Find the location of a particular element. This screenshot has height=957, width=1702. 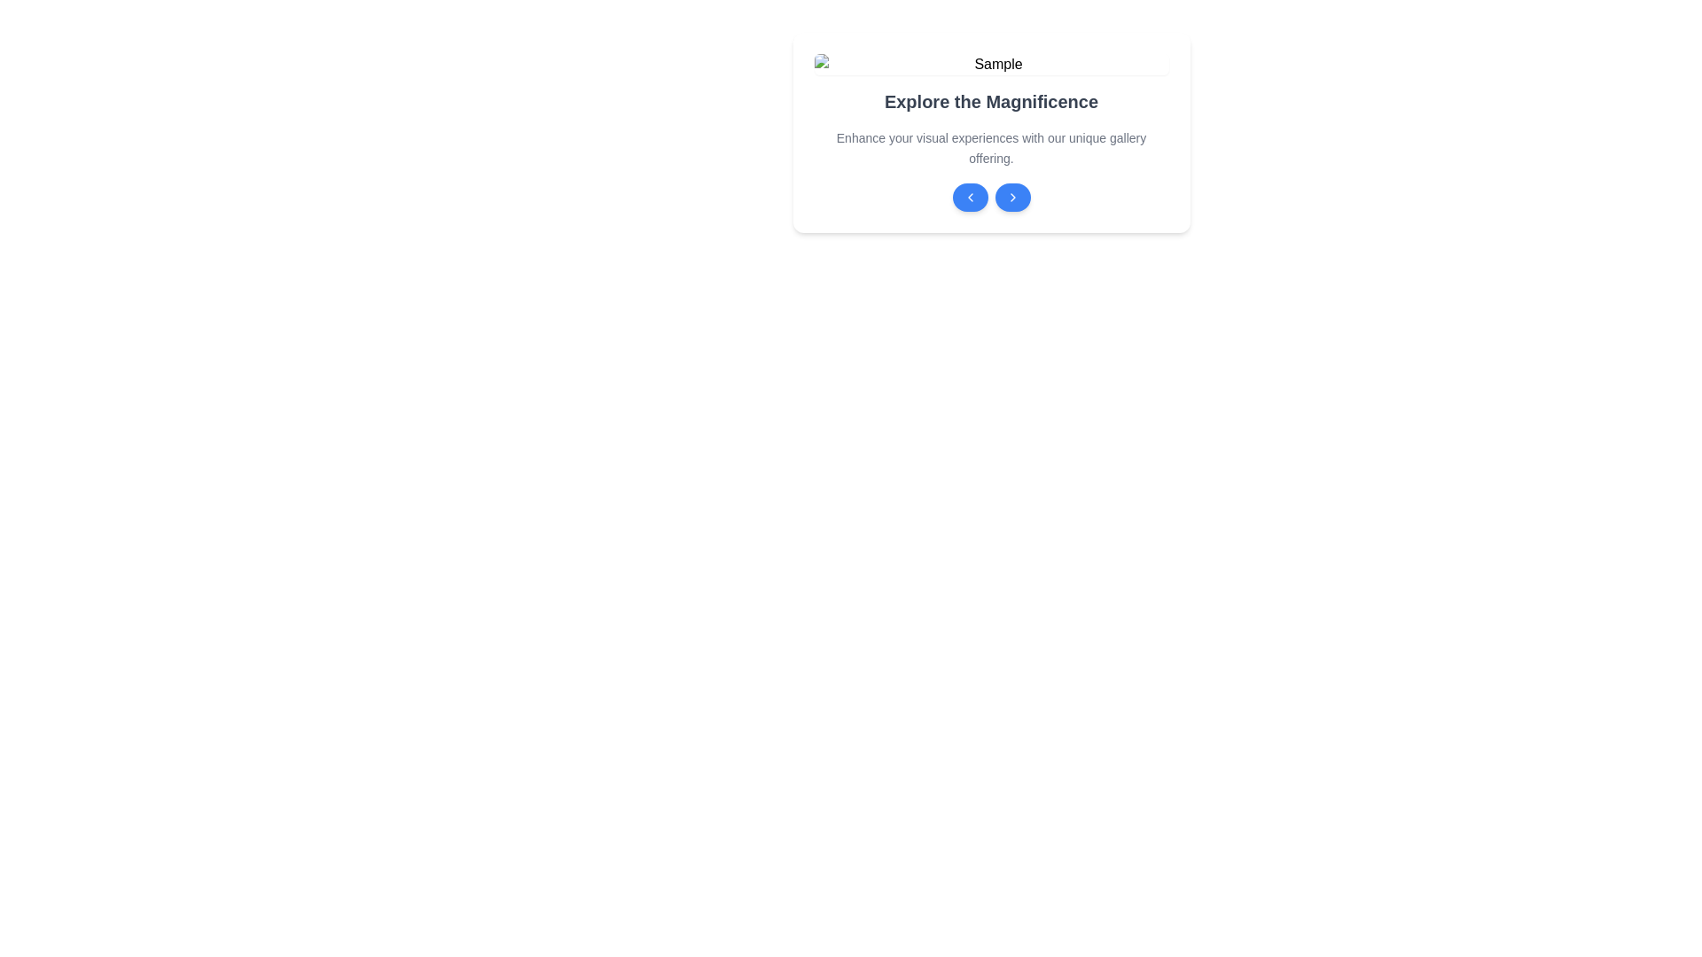

the circular blue button with a right-pointing chevron arrow symbol located in the card below the heading 'Explore the Magnificence' is located at coordinates (1012, 197).